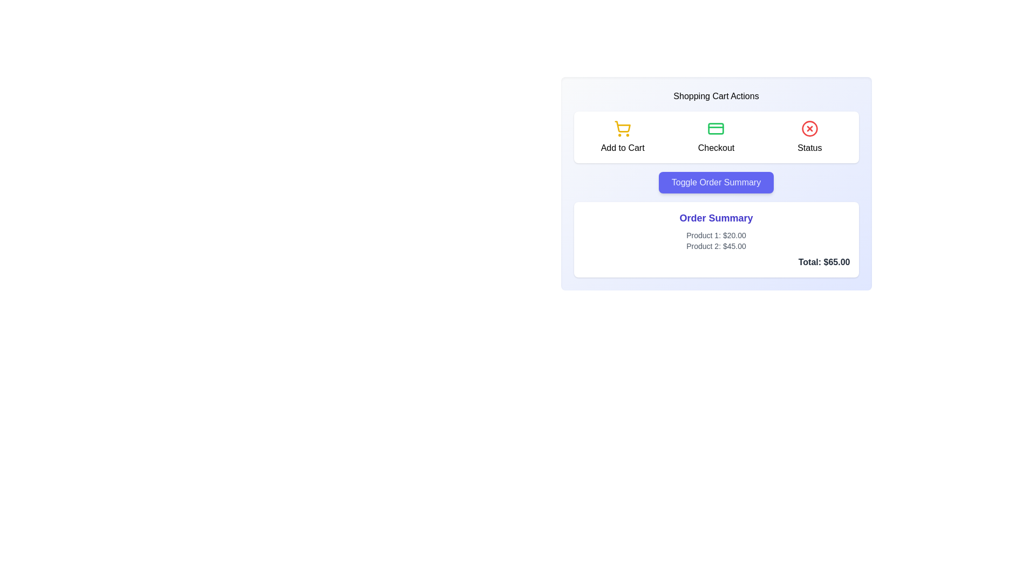 The image size is (1036, 582). Describe the element at coordinates (623, 128) in the screenshot. I see `the yellow shopping cart icon located above the 'Add to Cart' button in the 'Shopping Cart Actions' section` at that location.